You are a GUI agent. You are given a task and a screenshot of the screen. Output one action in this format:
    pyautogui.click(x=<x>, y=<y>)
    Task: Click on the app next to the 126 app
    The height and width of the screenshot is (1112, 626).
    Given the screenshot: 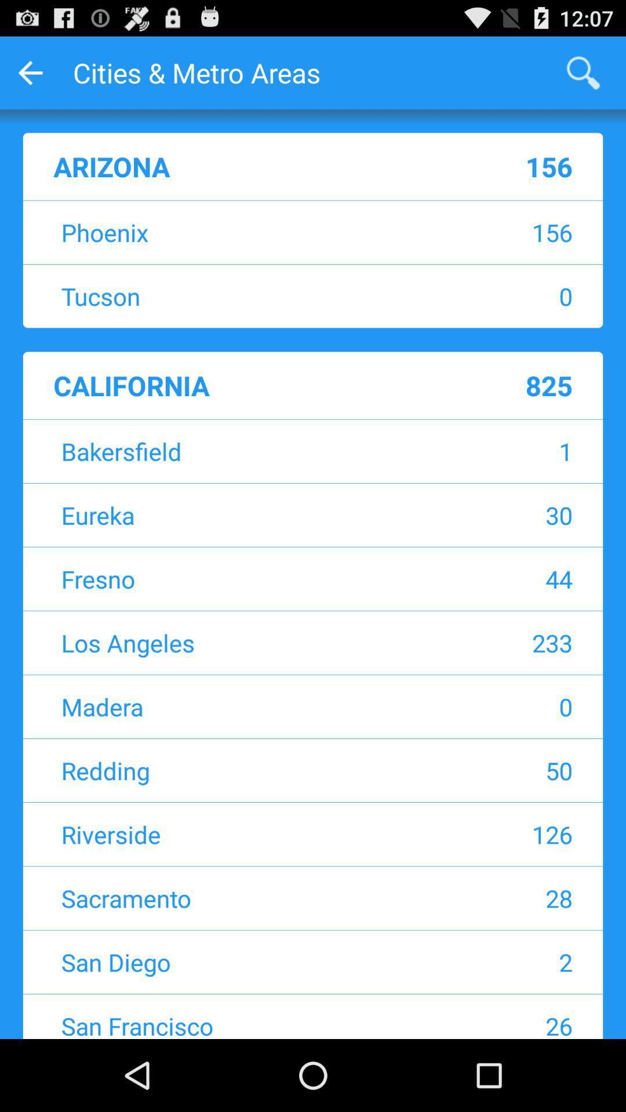 What is the action you would take?
    pyautogui.click(x=240, y=834)
    